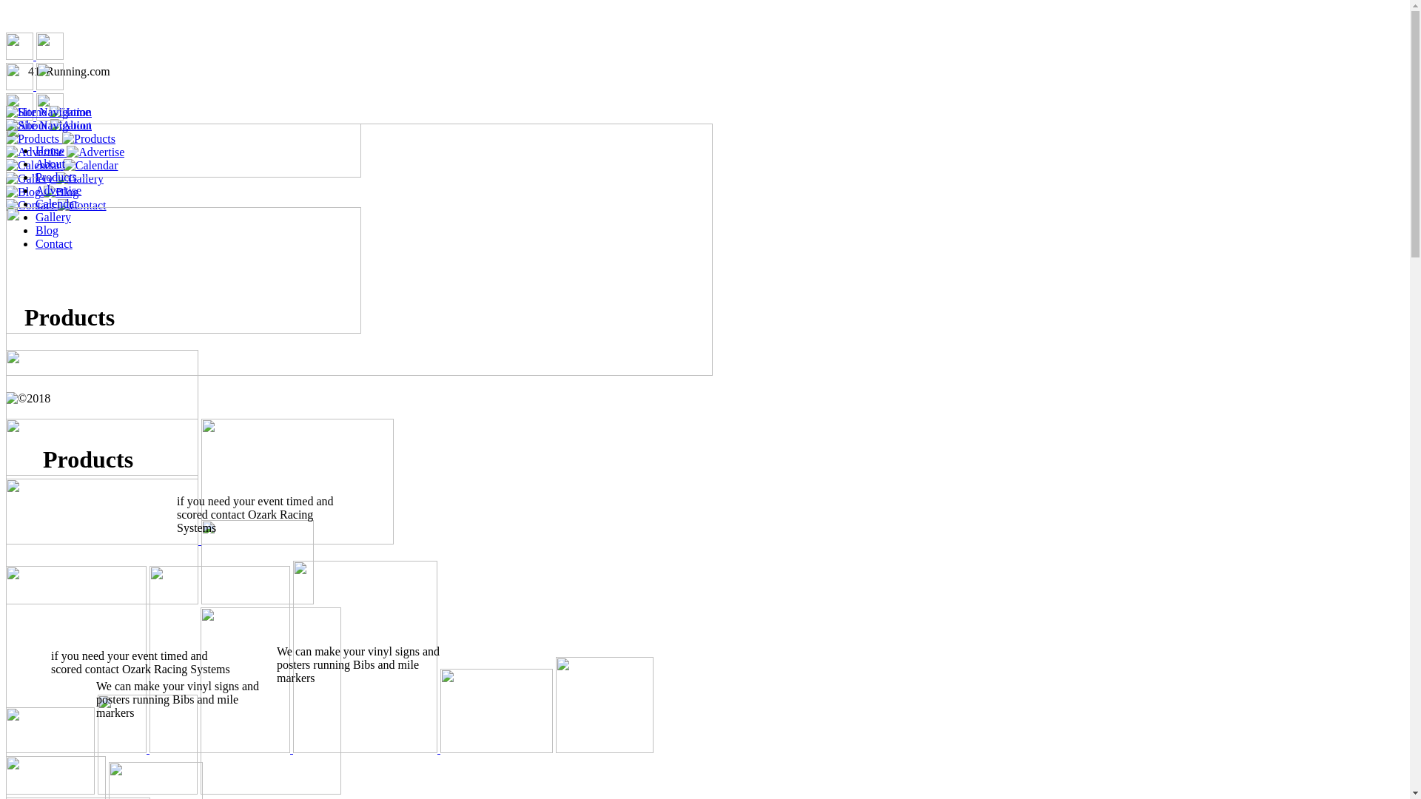 The height and width of the screenshot is (799, 1421). I want to click on 'Calendar', so click(56, 203).